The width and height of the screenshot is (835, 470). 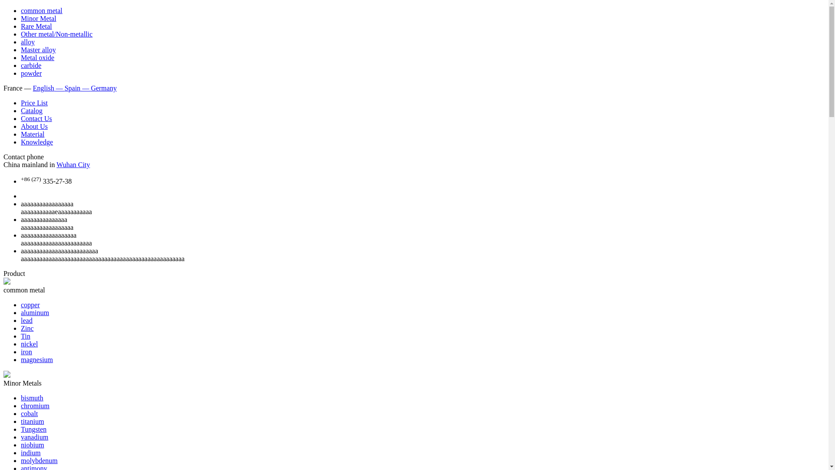 What do you see at coordinates (32, 421) in the screenshot?
I see `'titanium'` at bounding box center [32, 421].